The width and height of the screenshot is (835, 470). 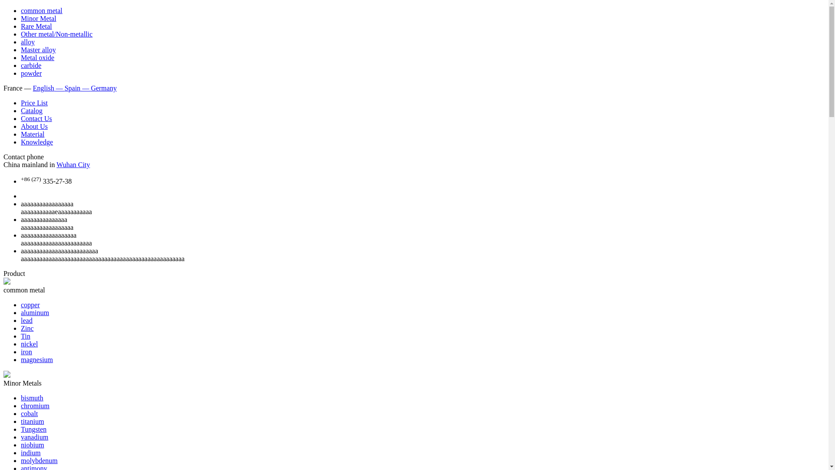 What do you see at coordinates (32, 421) in the screenshot?
I see `'titanium'` at bounding box center [32, 421].